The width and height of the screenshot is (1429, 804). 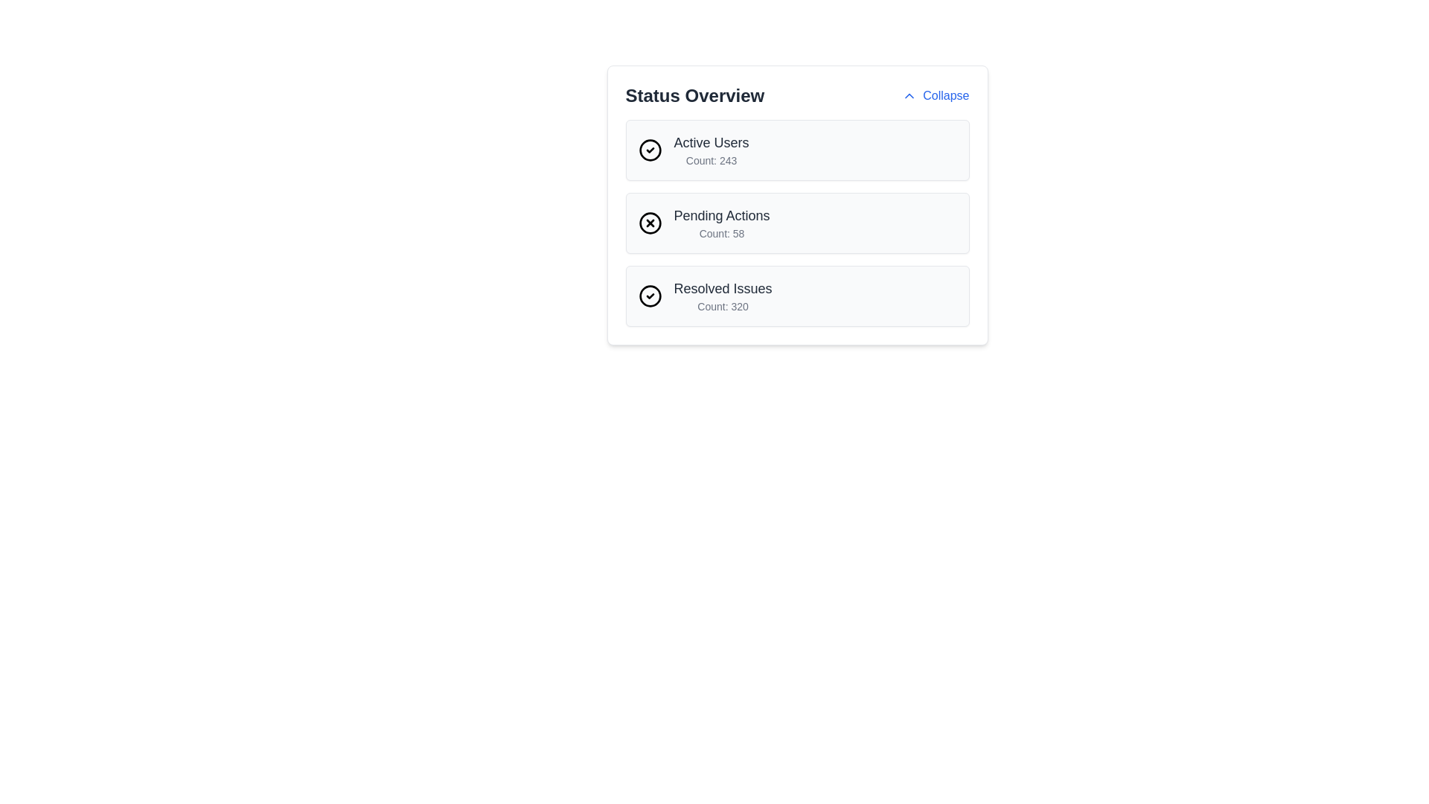 I want to click on the Text label that identifies the card containing information regarding resolved issues, located in the third card from the top in the 'Status Overview' section, so click(x=723, y=289).